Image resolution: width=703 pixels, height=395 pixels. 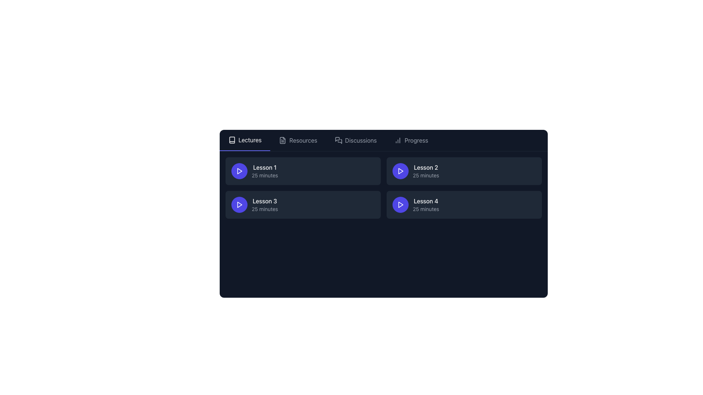 I want to click on the circular button with a purple background and a white triangular play icon located in the 'Lesson 3' item of the lessons grid, so click(x=239, y=204).